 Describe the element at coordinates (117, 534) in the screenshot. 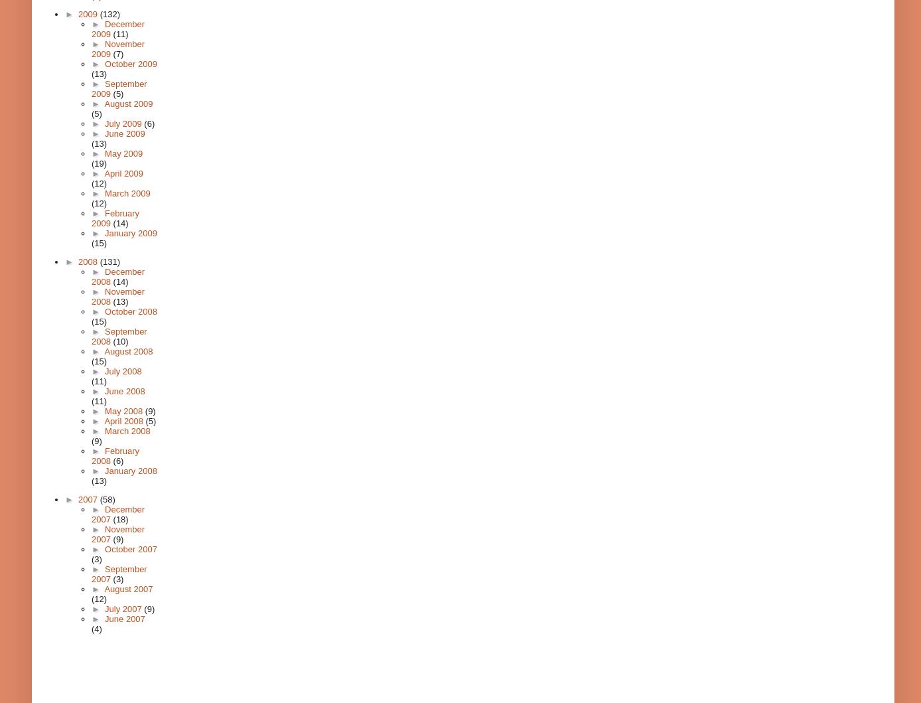

I see `'November 2007'` at that location.